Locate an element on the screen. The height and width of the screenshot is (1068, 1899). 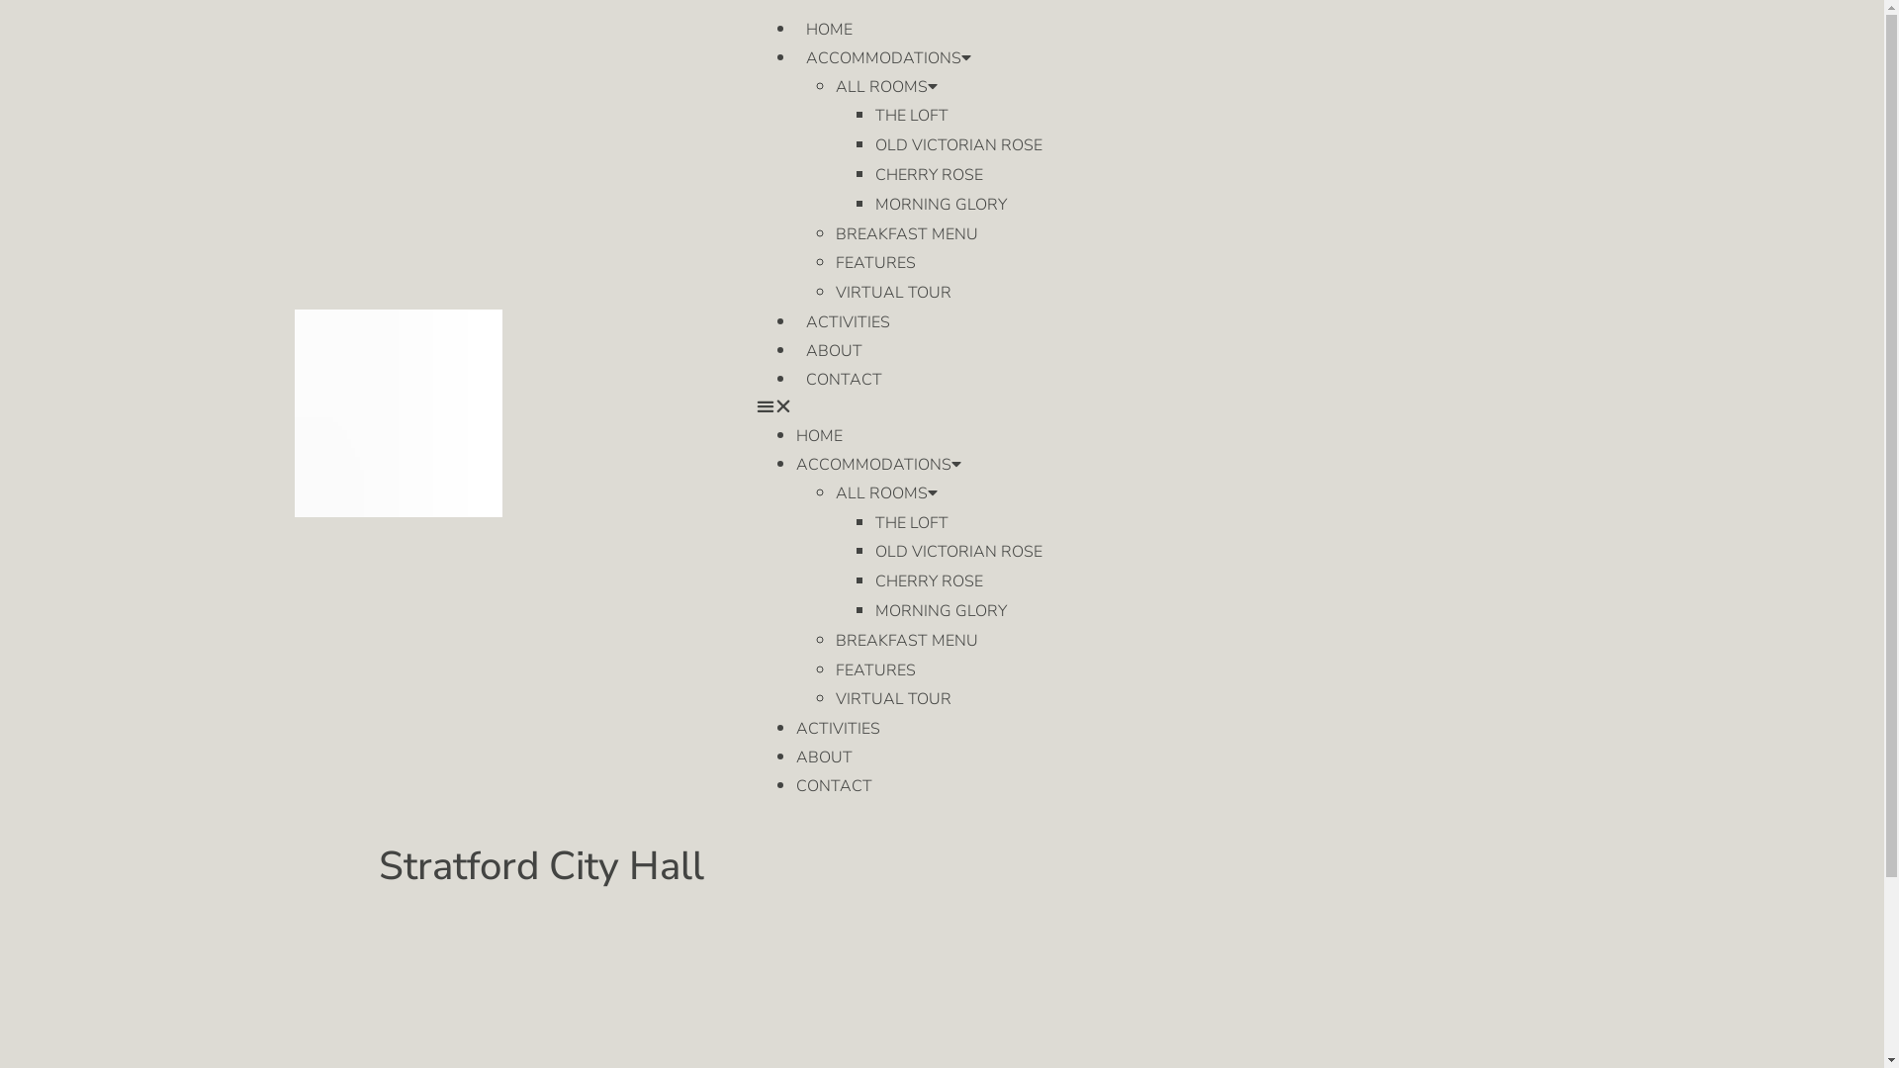
'ABOUT' is located at coordinates (834, 349).